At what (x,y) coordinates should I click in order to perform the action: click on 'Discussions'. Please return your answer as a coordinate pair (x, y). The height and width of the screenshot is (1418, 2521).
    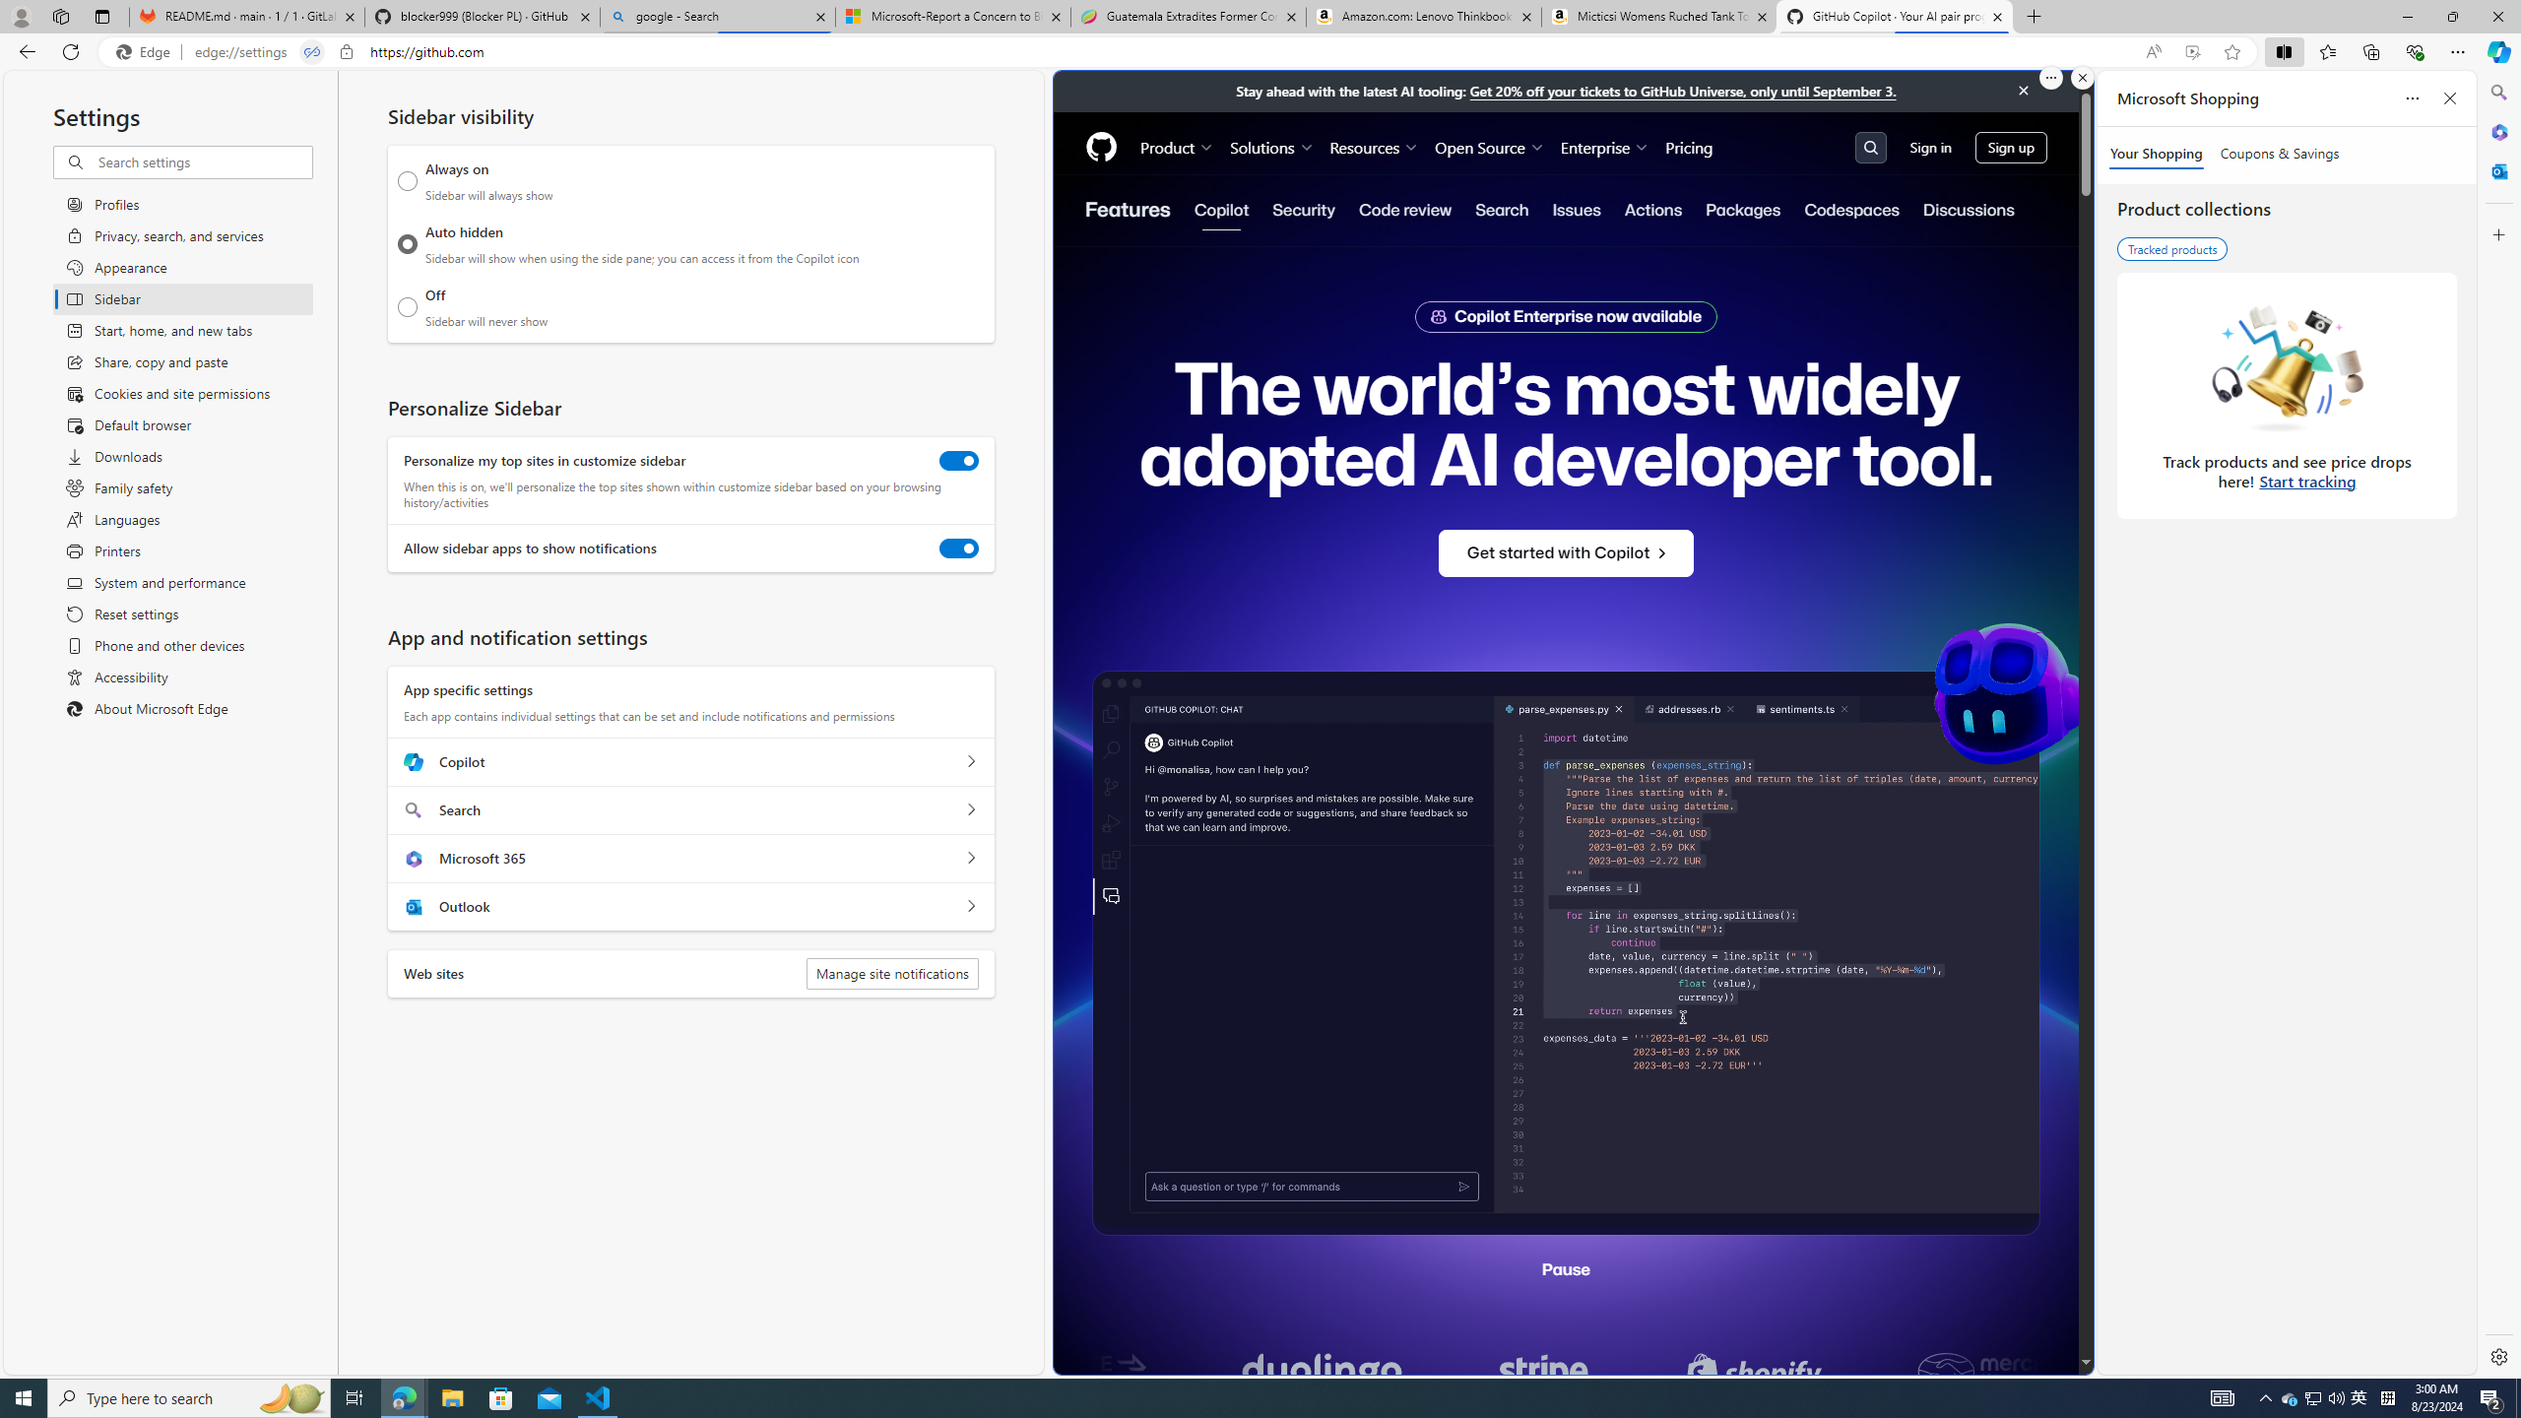
    Looking at the image, I should click on (1967, 209).